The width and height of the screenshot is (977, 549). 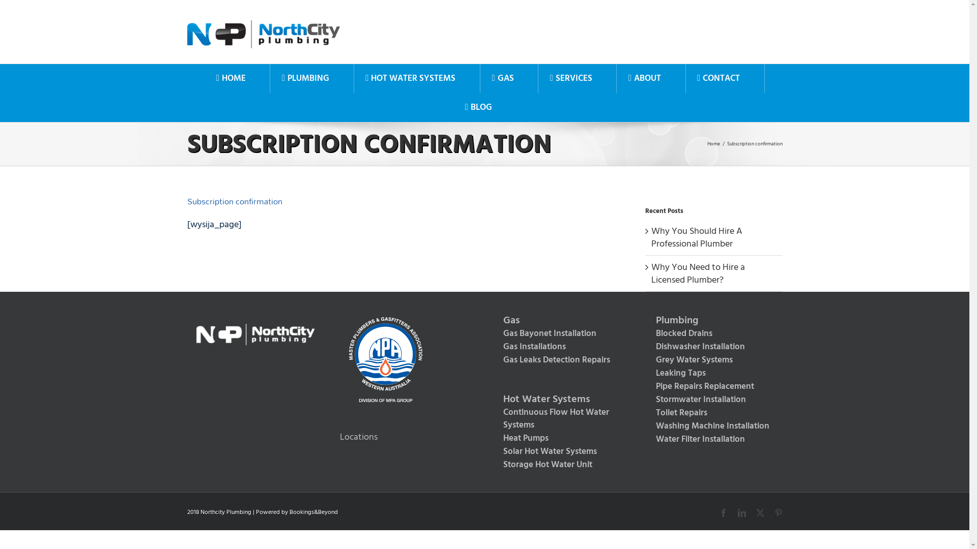 I want to click on 'Grey Water Systems', so click(x=645, y=360).